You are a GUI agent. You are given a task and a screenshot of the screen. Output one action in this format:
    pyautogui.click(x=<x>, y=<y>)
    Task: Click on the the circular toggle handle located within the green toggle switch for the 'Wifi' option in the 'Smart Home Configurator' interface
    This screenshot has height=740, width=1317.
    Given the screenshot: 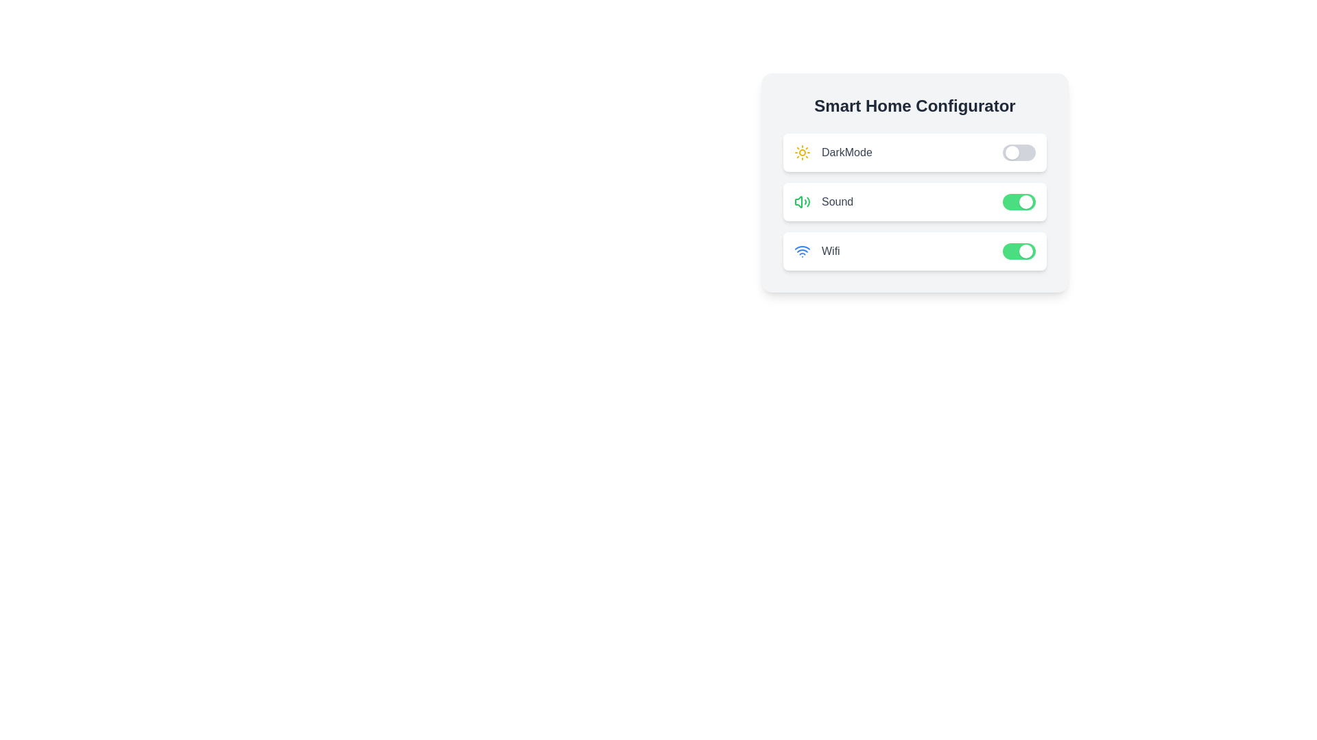 What is the action you would take?
    pyautogui.click(x=1026, y=251)
    